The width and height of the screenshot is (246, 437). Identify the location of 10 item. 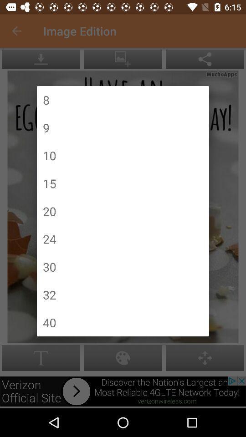
(49, 155).